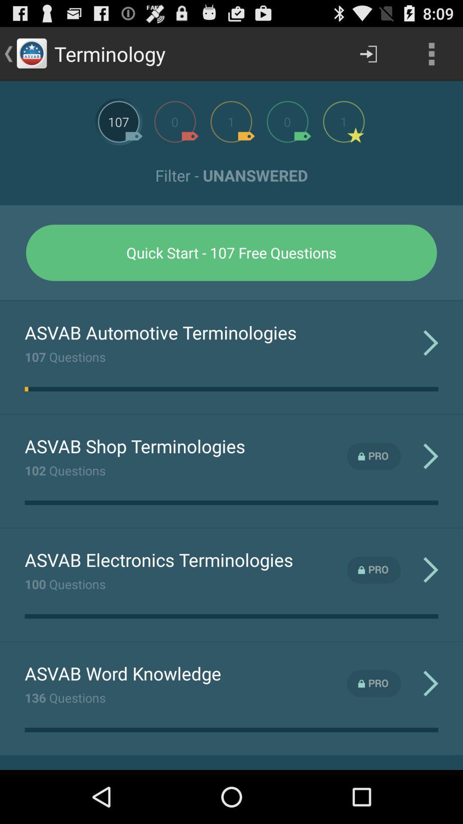 The width and height of the screenshot is (463, 824). Describe the element at coordinates (368, 53) in the screenshot. I see `icon to the right of the terminology` at that location.